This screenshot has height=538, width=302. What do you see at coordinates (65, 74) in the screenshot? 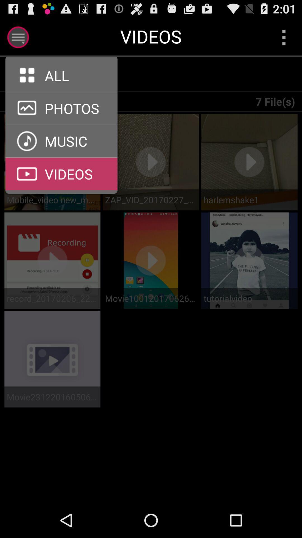
I see `icon below the videos icon` at bounding box center [65, 74].